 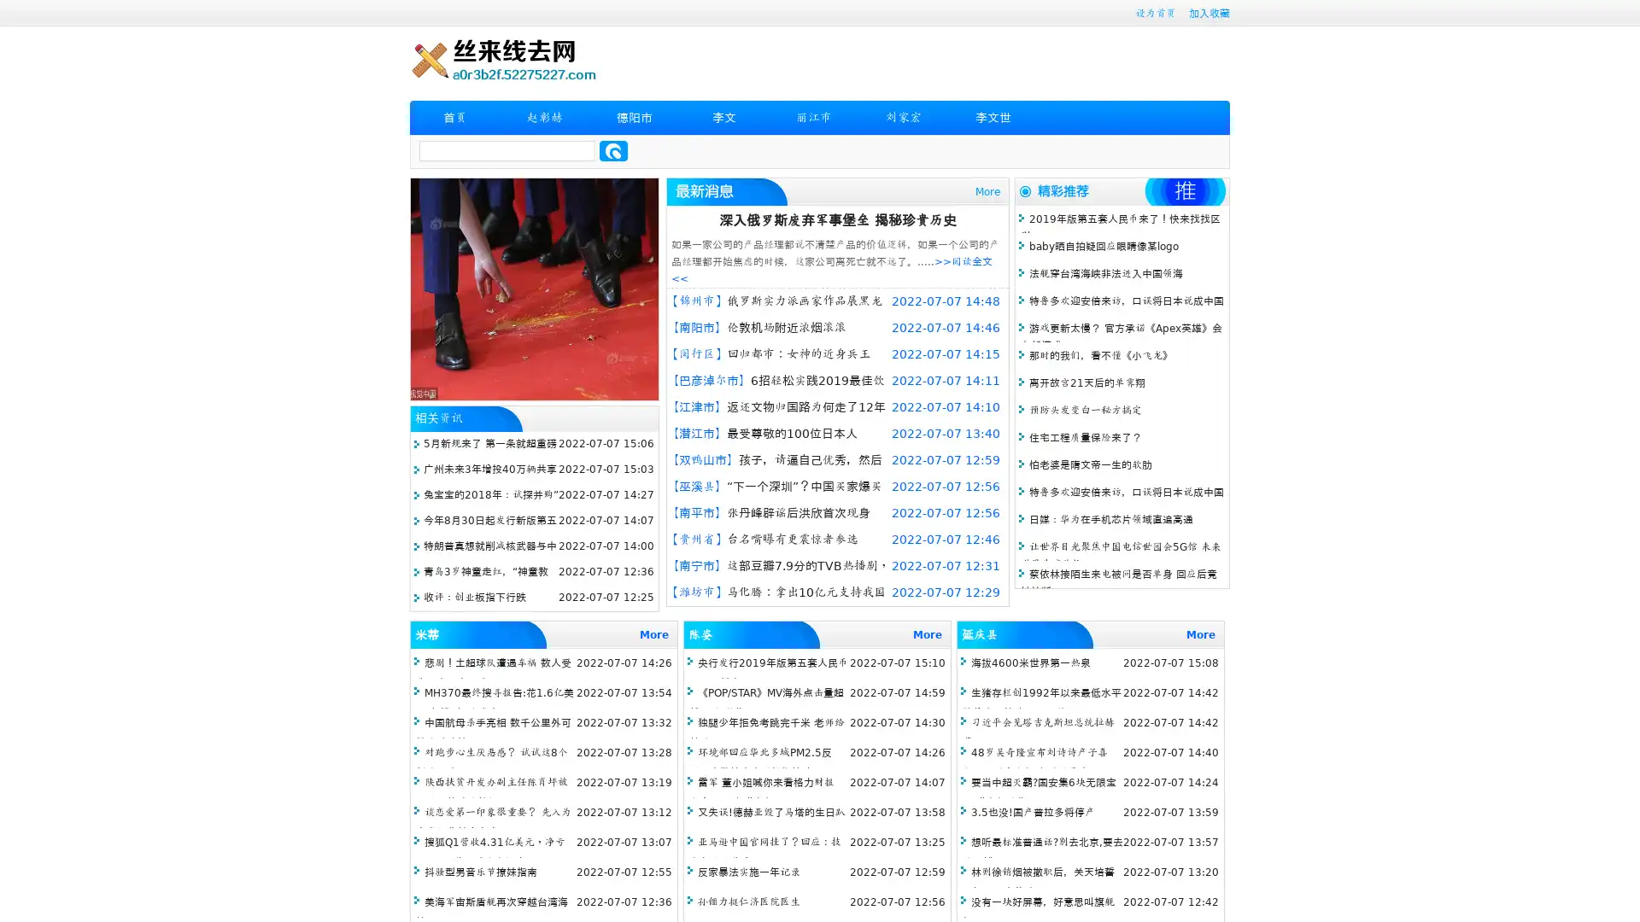 I want to click on Search, so click(x=613, y=150).